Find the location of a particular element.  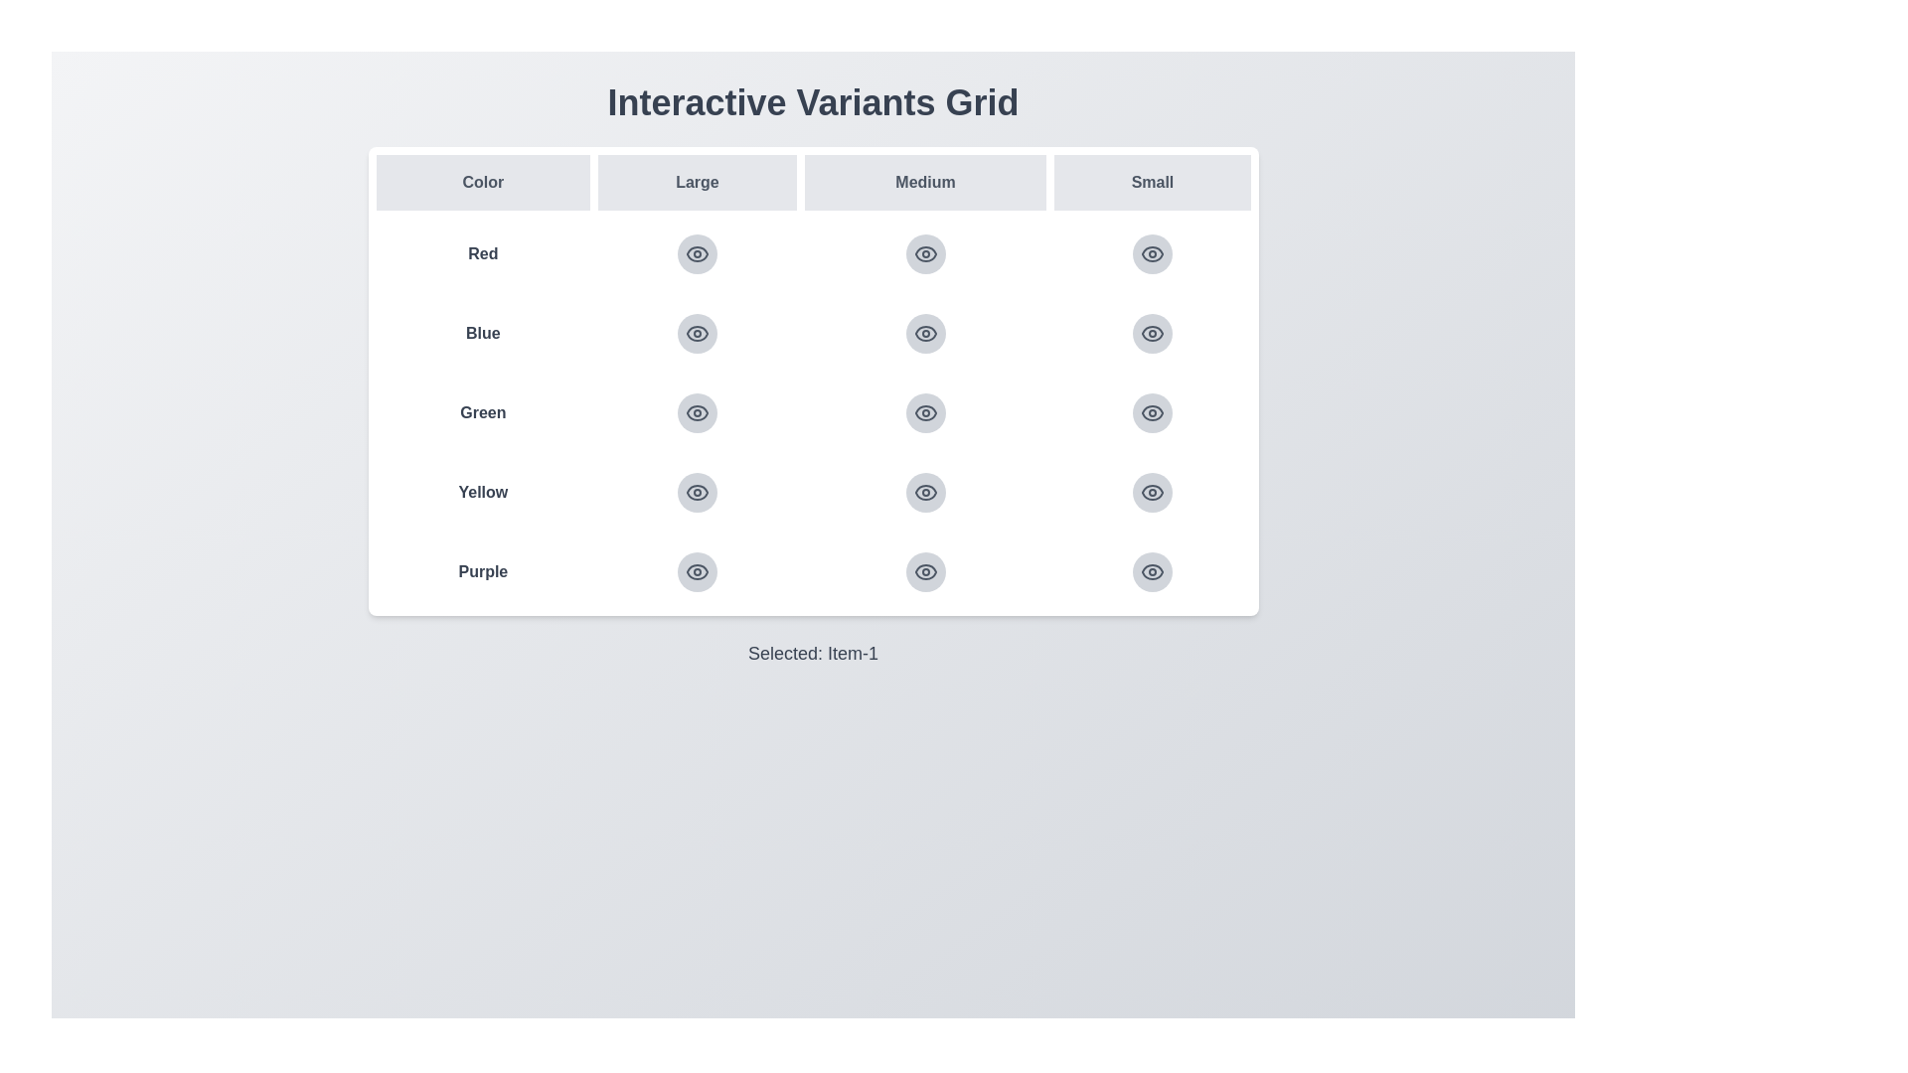

the eye-shaped icon component within the 'Small' grid section and 'Green' row, which is visually distinct and part of the interactive variants grid is located at coordinates (1153, 412).